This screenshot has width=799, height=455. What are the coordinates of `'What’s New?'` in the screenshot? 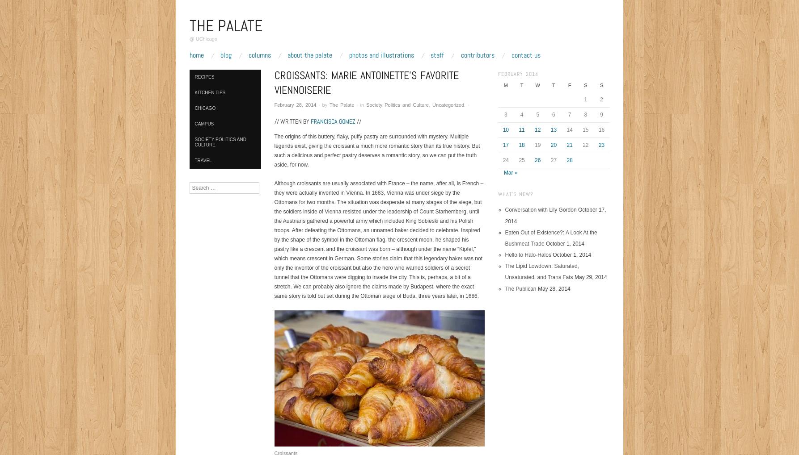 It's located at (497, 193).